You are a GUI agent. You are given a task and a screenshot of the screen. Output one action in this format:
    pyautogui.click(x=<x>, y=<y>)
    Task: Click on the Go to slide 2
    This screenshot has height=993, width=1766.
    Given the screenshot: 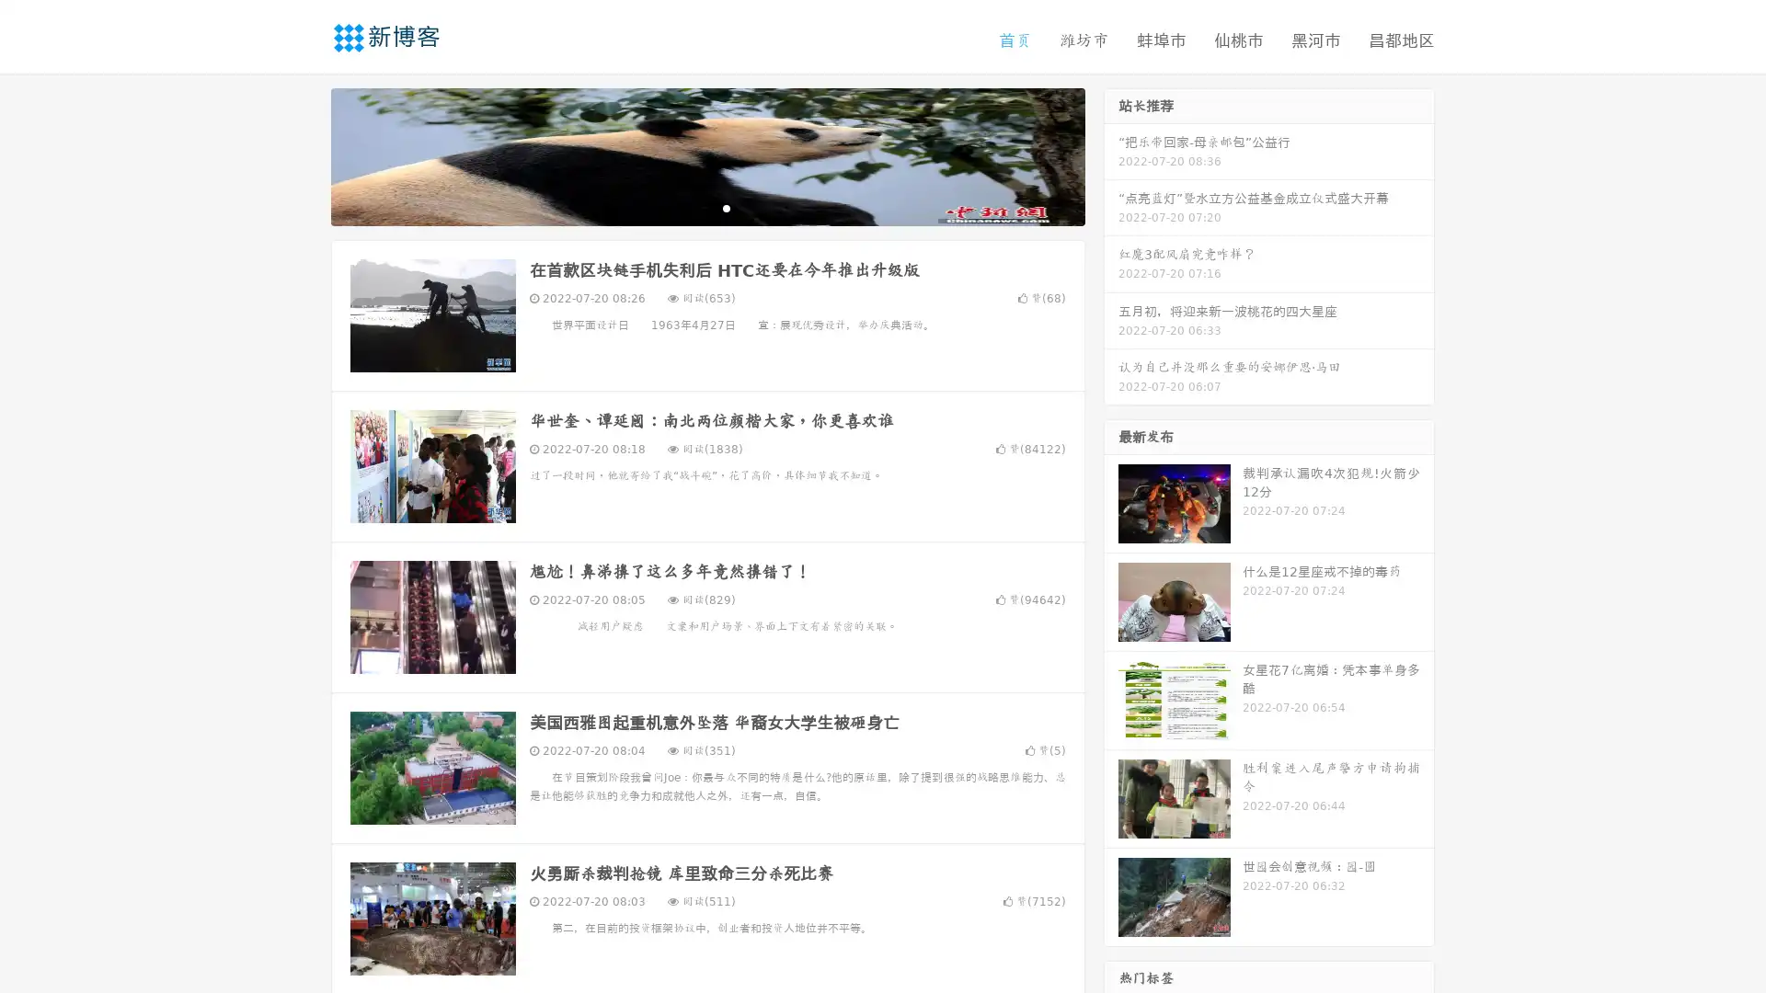 What is the action you would take?
    pyautogui.click(x=706, y=207)
    